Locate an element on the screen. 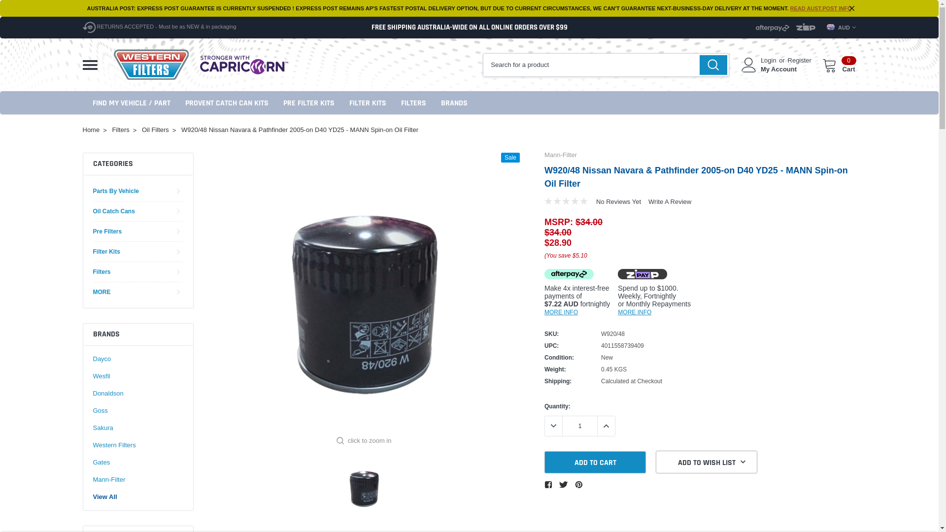  'Parts By Vehicle' is located at coordinates (92, 191).